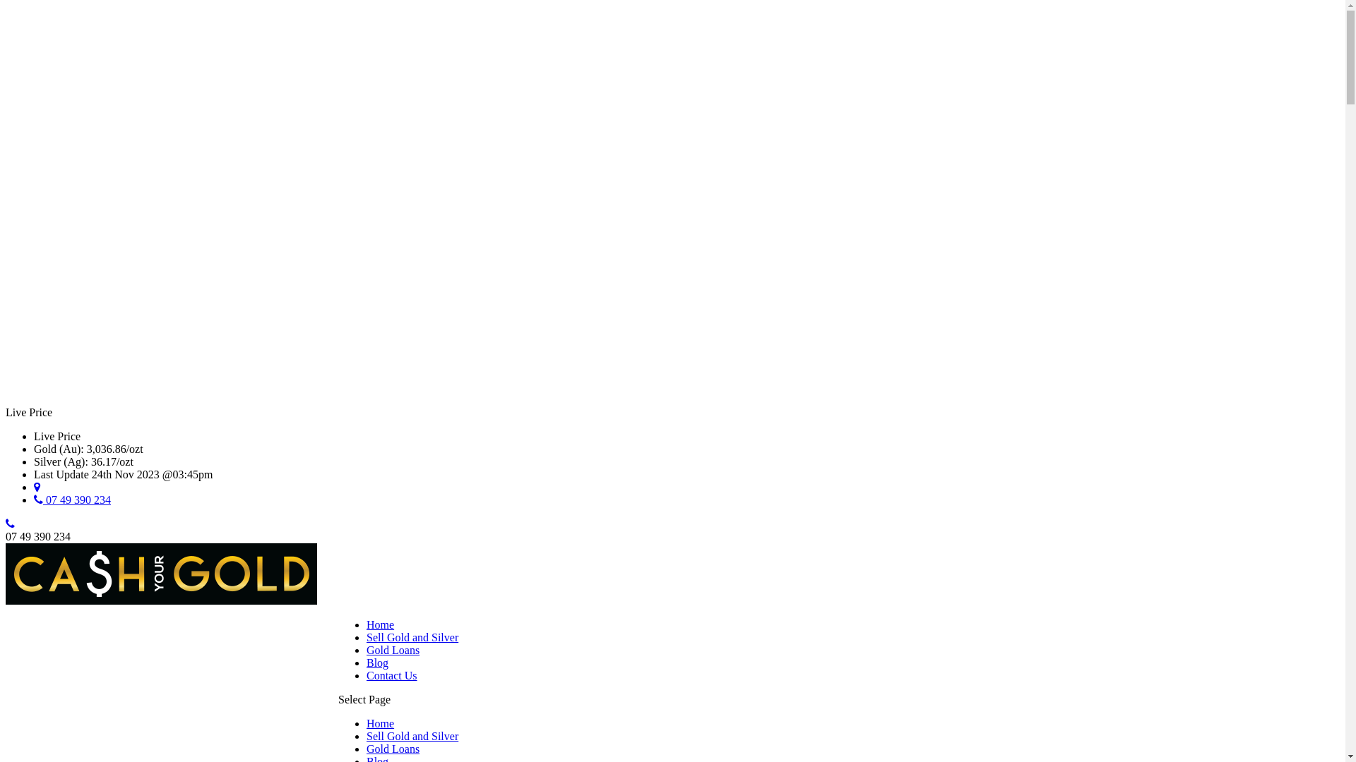 The height and width of the screenshot is (762, 1356). Describe the element at coordinates (366, 624) in the screenshot. I see `'Home'` at that location.